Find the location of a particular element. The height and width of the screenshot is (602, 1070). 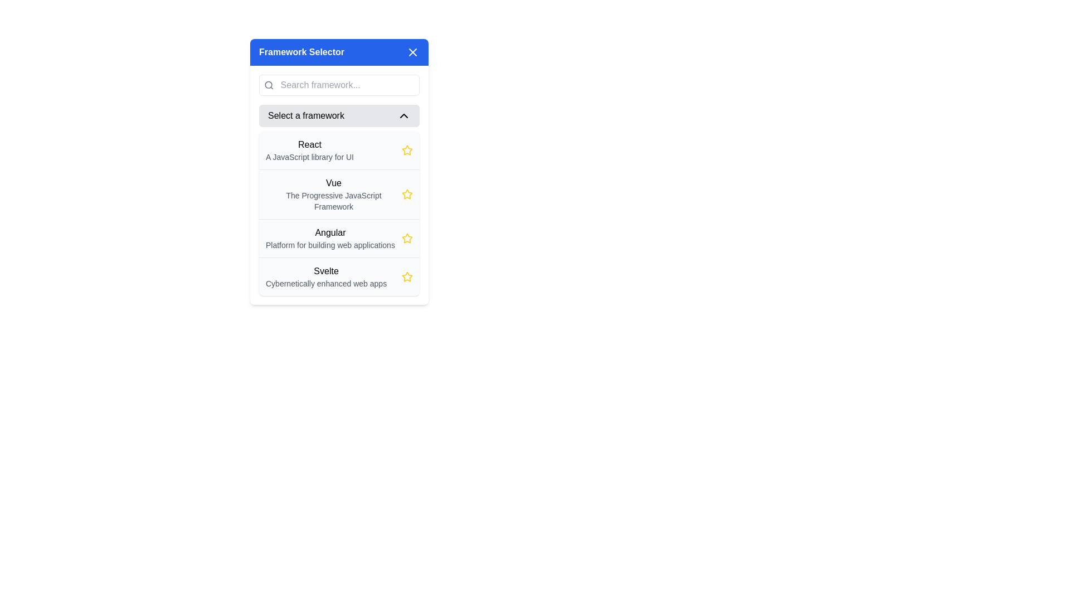

the text node displaying 'Vue' located at the top of the list item labeled 'Vue The Progressive JavaScript Framework' in the modal titled 'Framework Selector' is located at coordinates (333, 182).